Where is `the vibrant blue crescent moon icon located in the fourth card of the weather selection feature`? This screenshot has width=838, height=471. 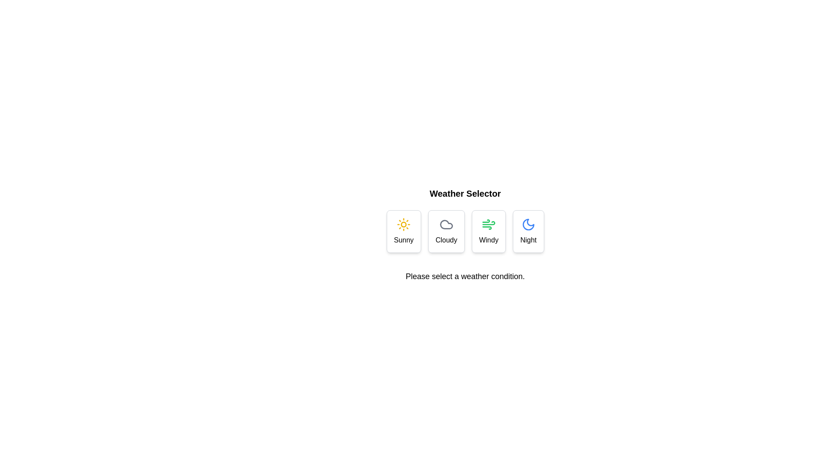
the vibrant blue crescent moon icon located in the fourth card of the weather selection feature is located at coordinates (528, 224).